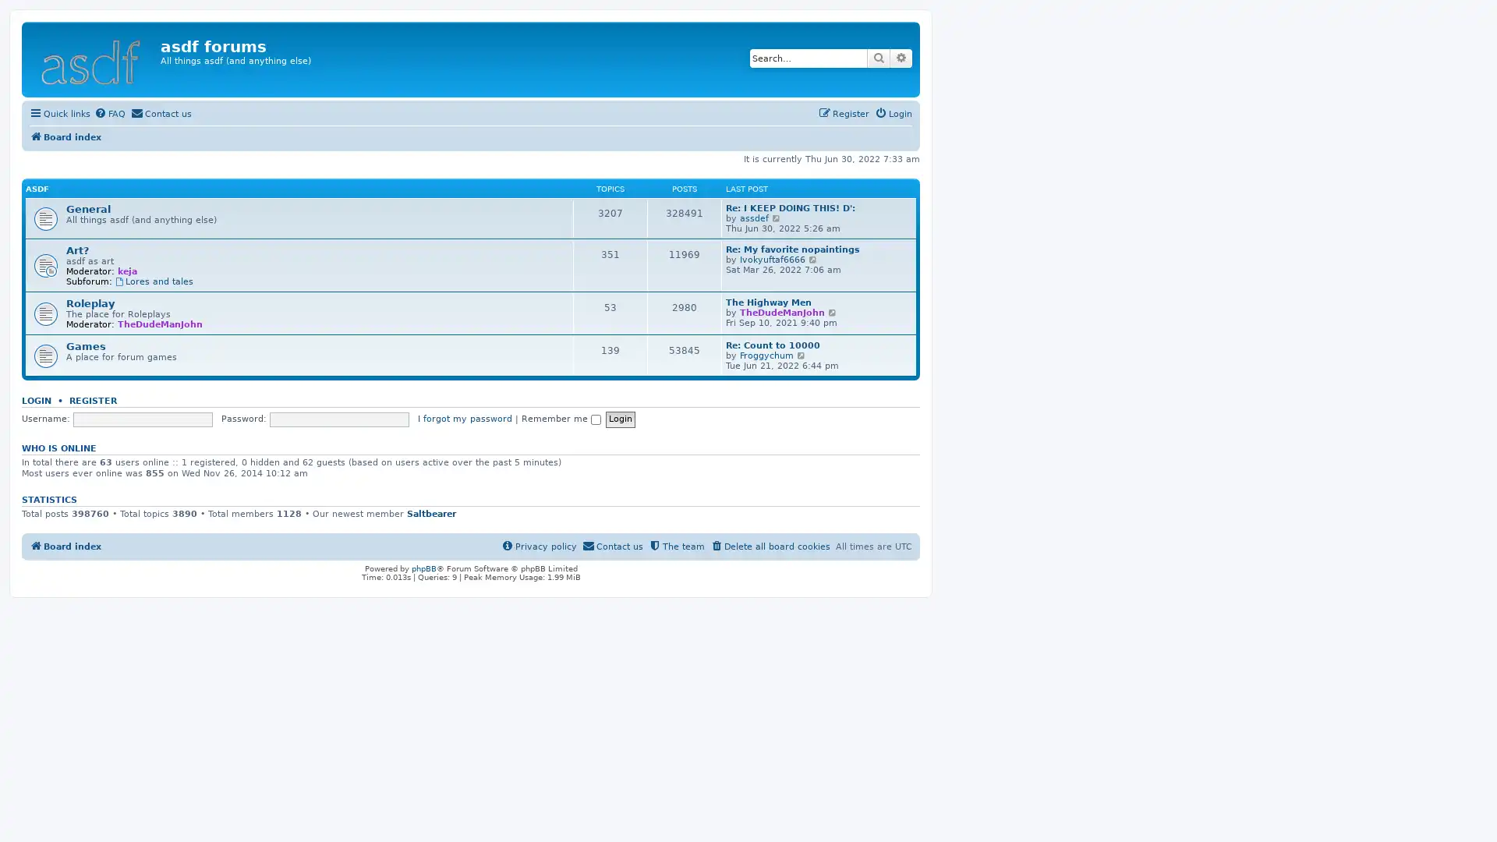  What do you see at coordinates (879, 57) in the screenshot?
I see `Search` at bounding box center [879, 57].